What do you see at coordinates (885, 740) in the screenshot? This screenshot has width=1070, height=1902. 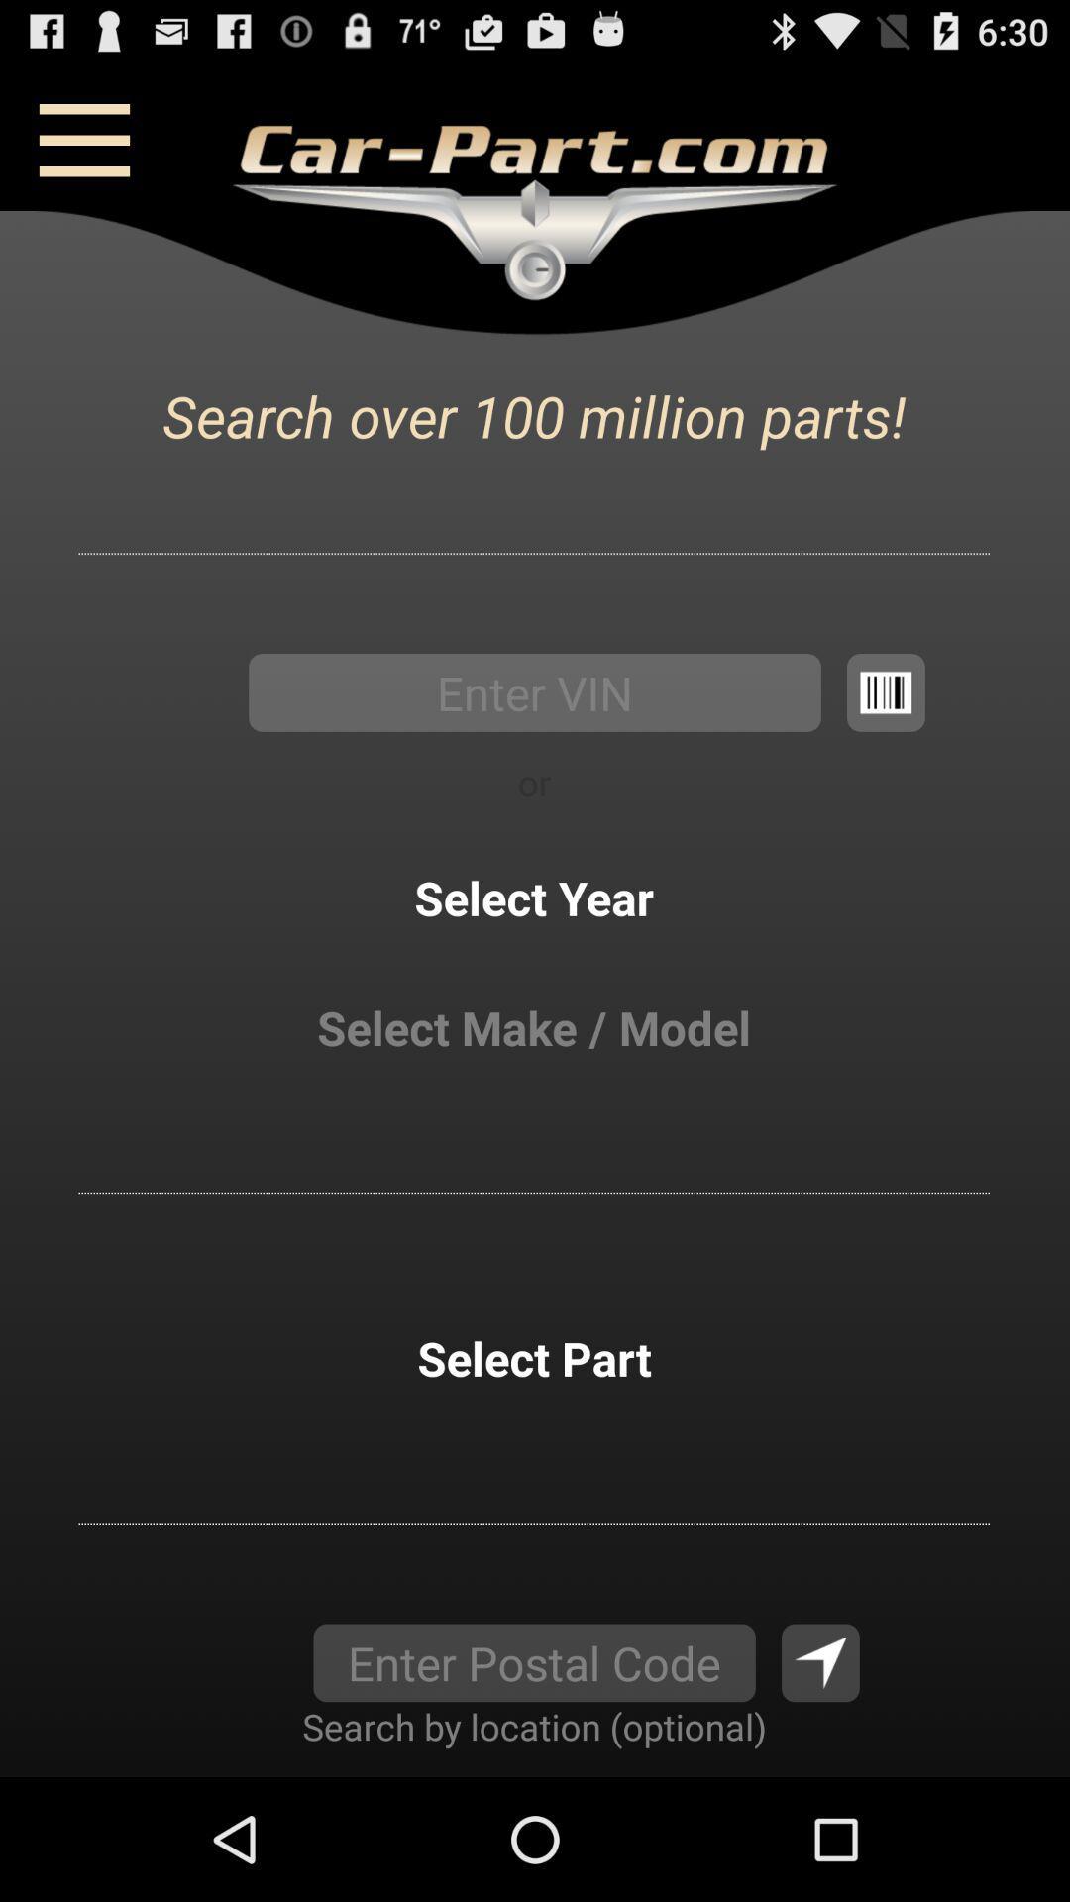 I see `the delete icon` at bounding box center [885, 740].